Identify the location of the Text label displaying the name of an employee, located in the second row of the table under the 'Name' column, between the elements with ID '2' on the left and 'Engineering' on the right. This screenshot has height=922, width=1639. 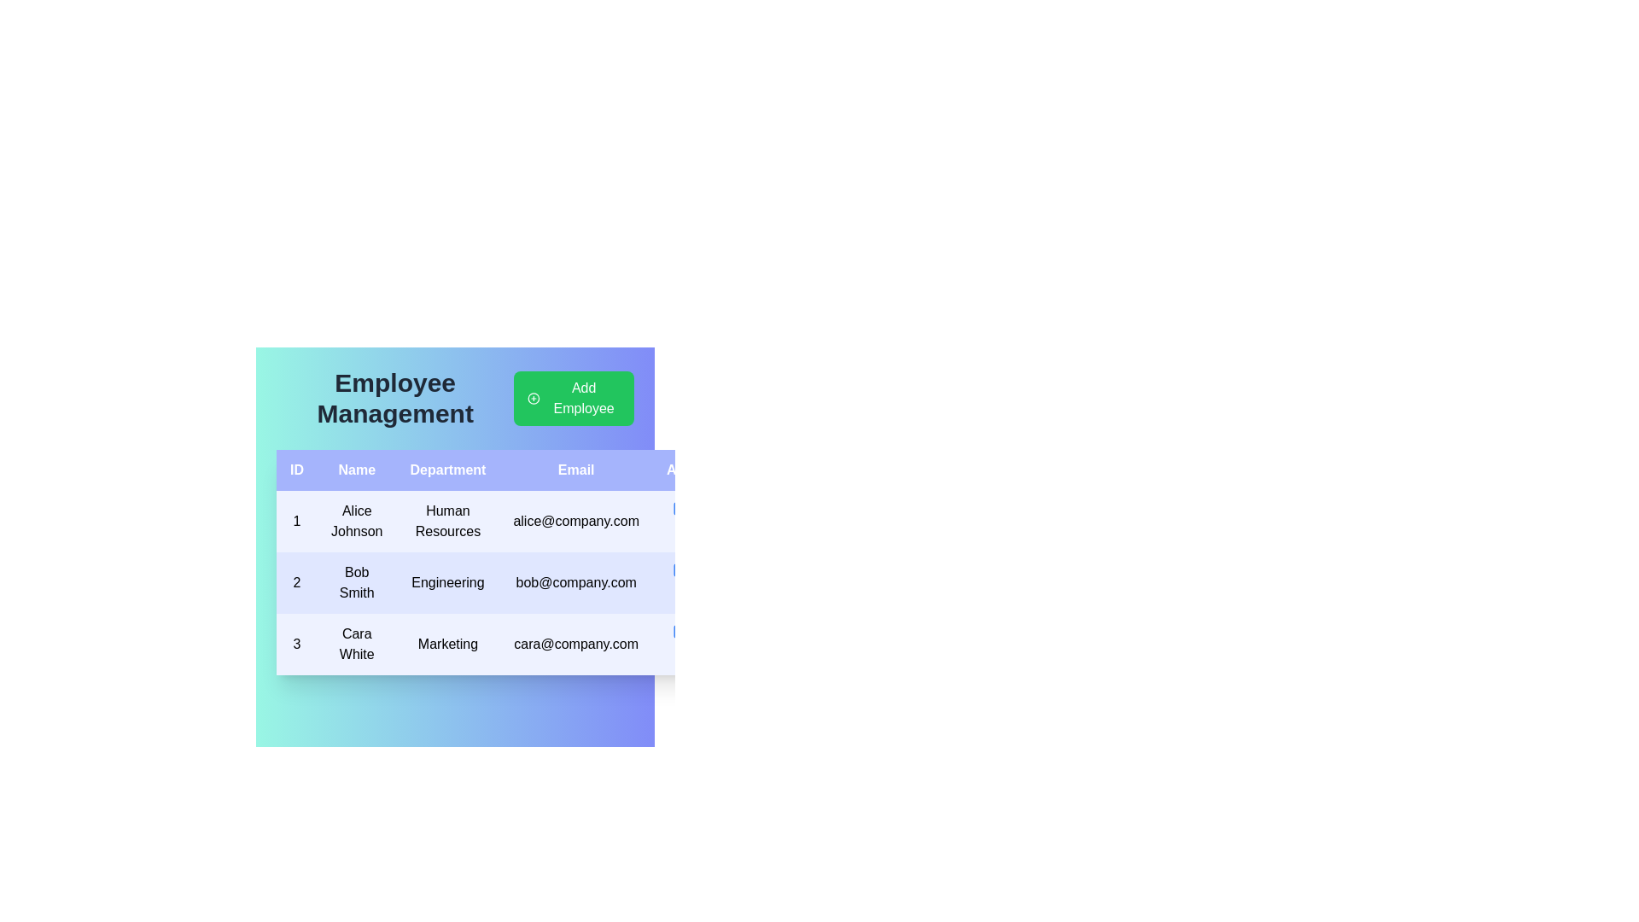
(356, 581).